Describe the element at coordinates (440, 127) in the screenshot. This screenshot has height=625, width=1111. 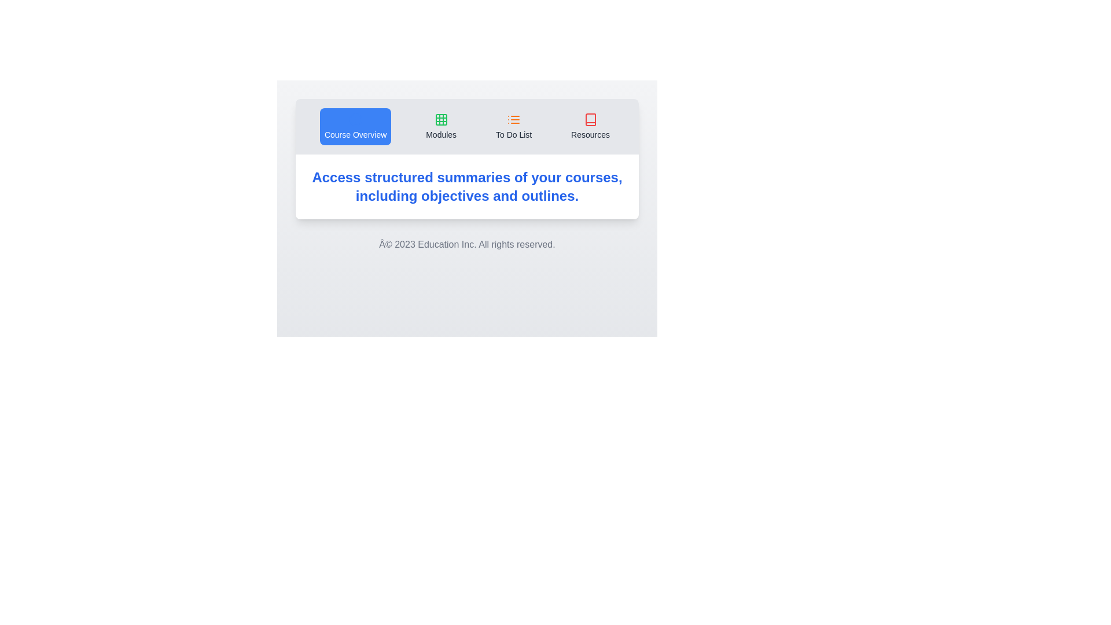
I see `the tab labeled Modules` at that location.